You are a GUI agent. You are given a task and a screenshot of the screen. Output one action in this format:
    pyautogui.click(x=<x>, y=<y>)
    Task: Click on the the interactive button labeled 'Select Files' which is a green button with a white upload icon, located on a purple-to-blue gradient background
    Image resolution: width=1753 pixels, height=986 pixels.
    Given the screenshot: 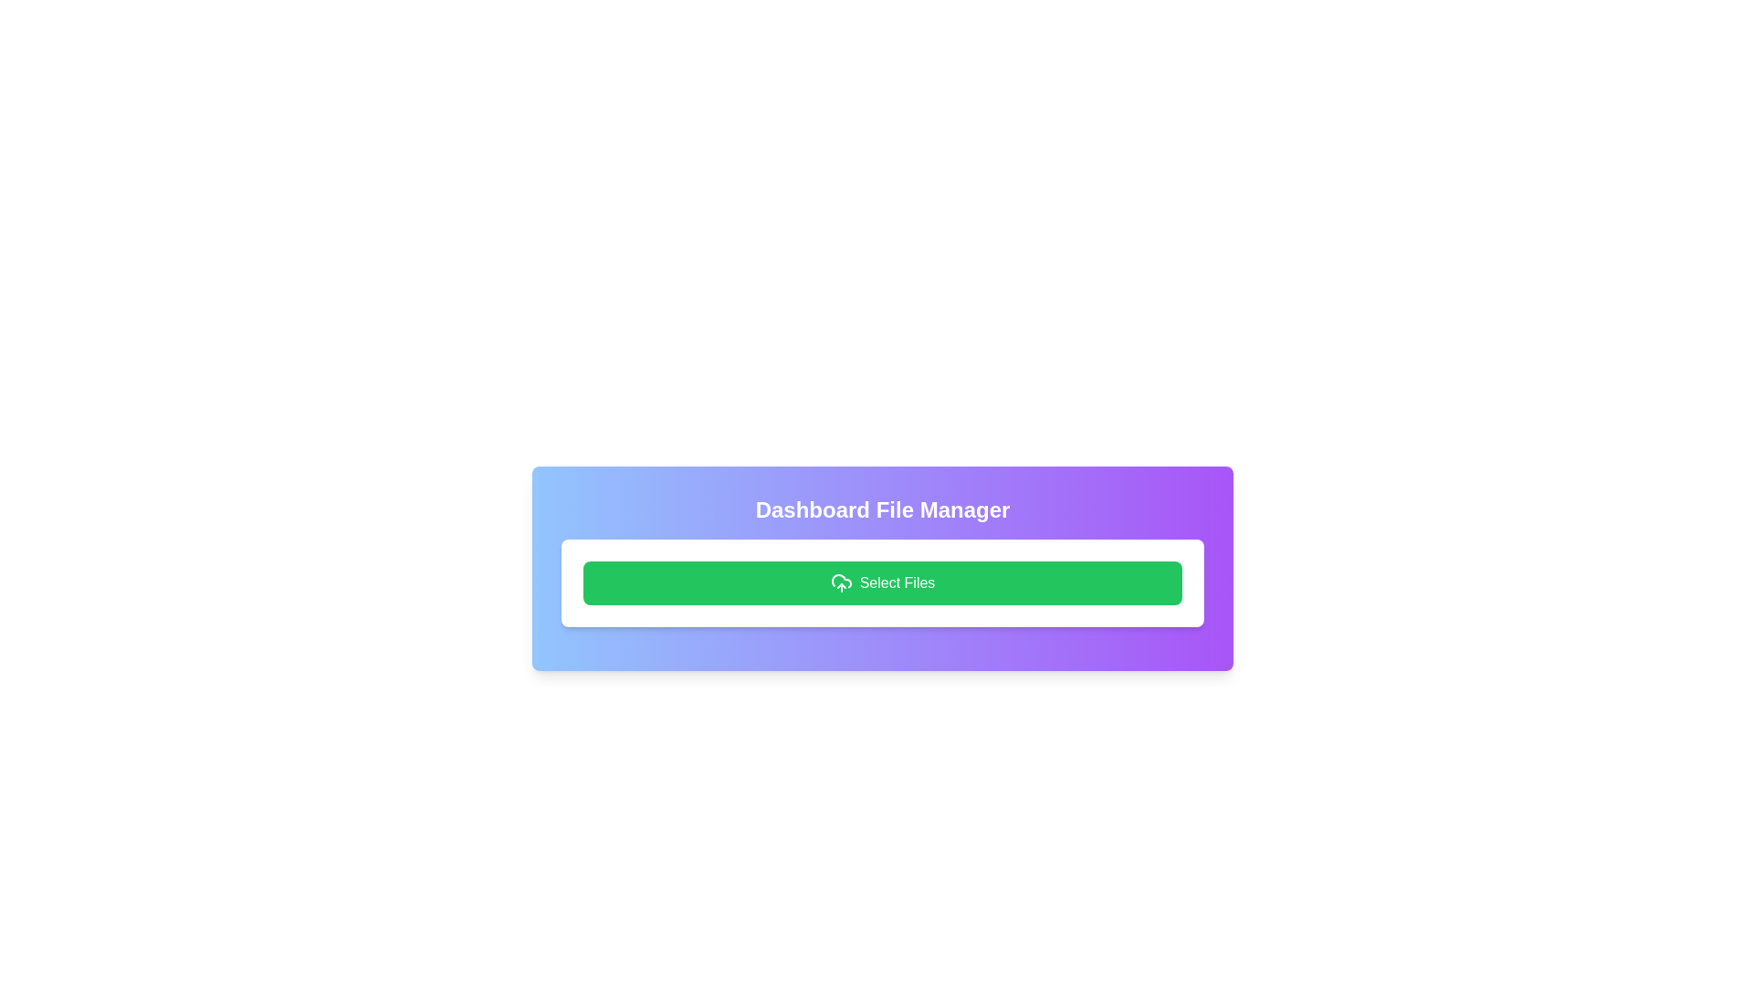 What is the action you would take?
    pyautogui.click(x=882, y=568)
    